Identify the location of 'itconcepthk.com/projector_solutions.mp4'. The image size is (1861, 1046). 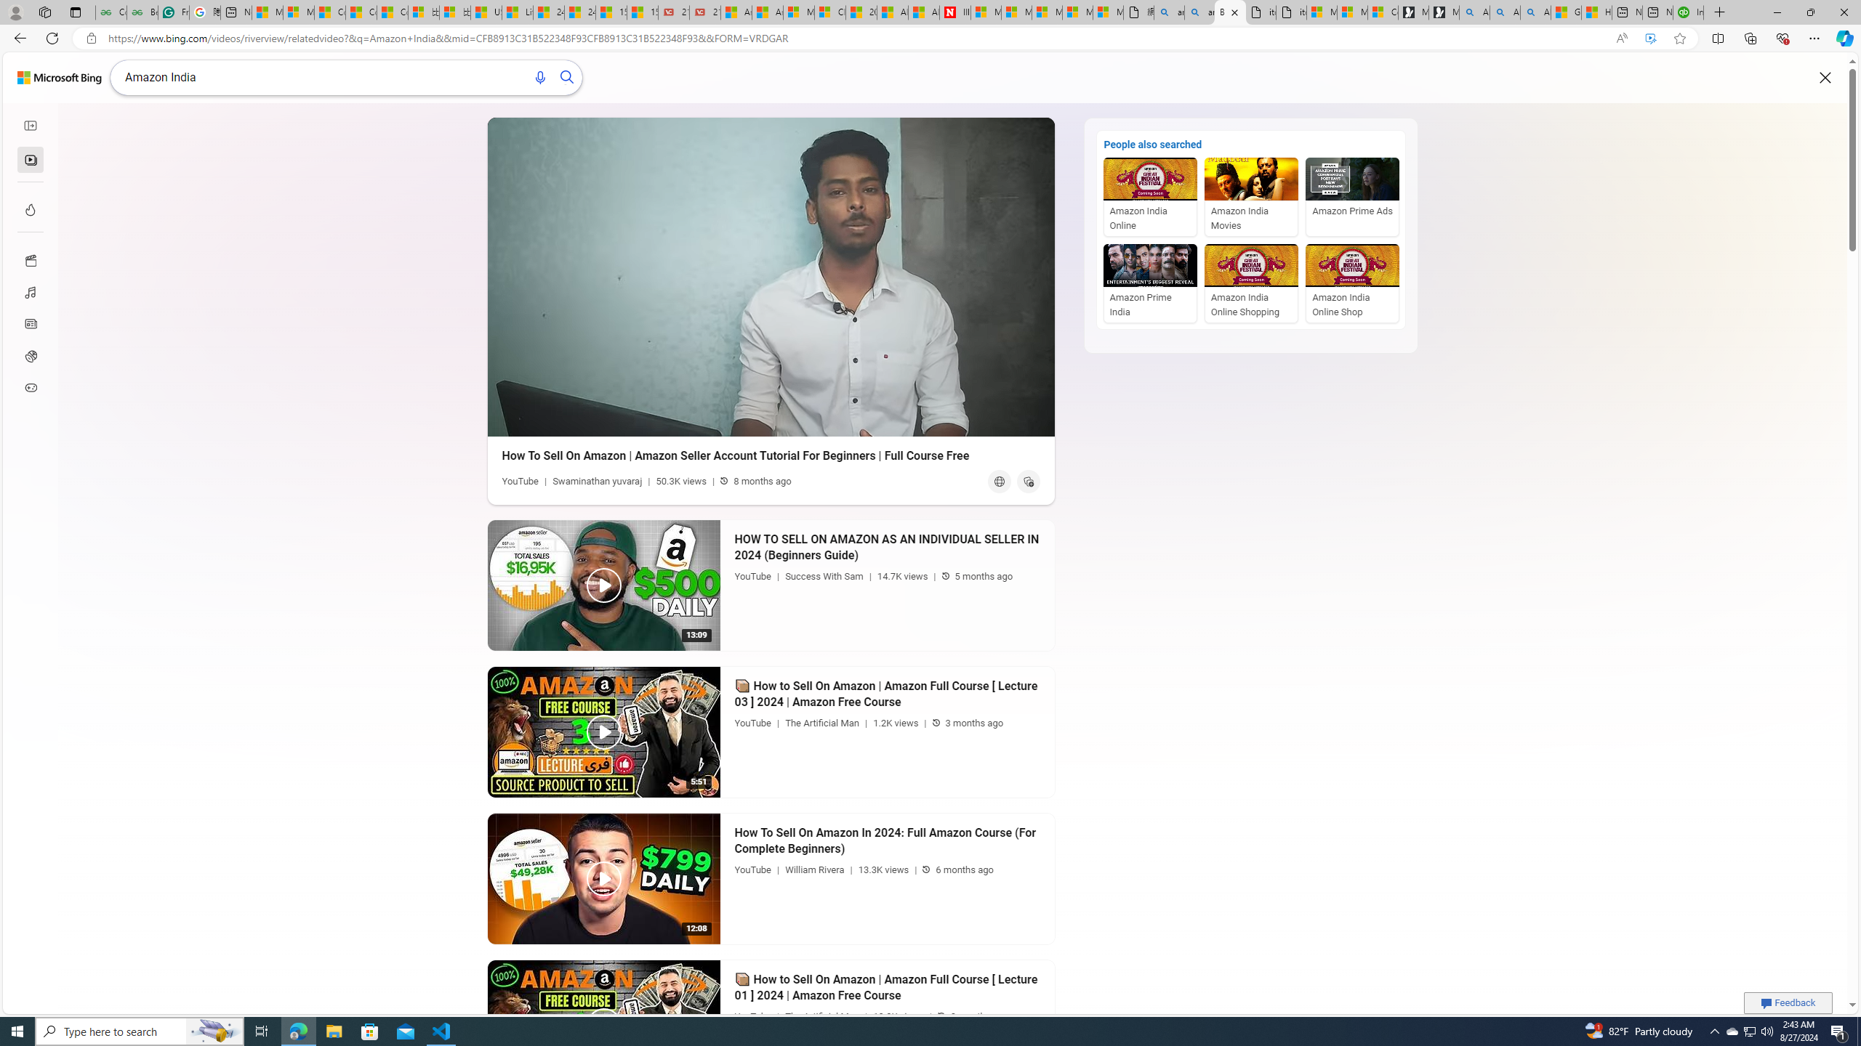
(1290, 12).